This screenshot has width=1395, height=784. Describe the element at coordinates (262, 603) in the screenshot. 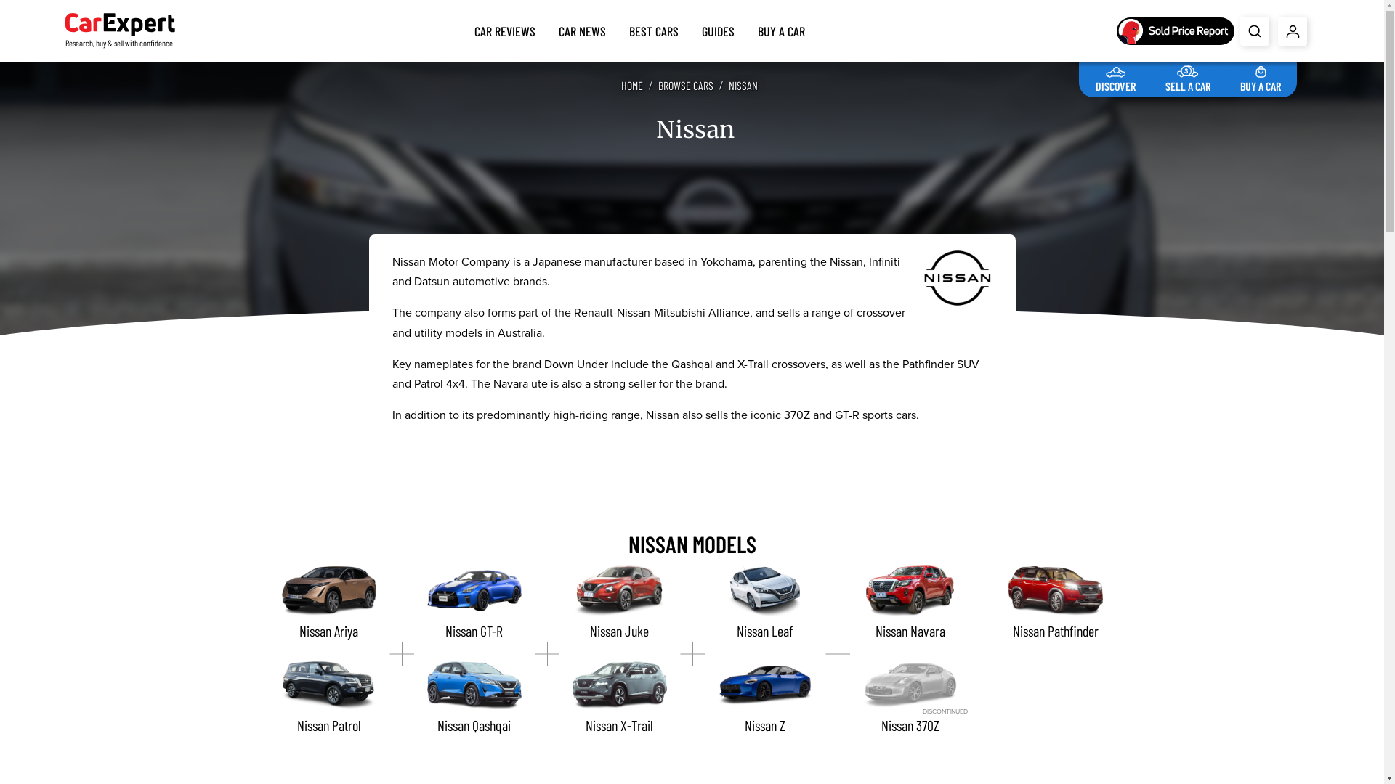

I see `'Nissan Ariya'` at that location.